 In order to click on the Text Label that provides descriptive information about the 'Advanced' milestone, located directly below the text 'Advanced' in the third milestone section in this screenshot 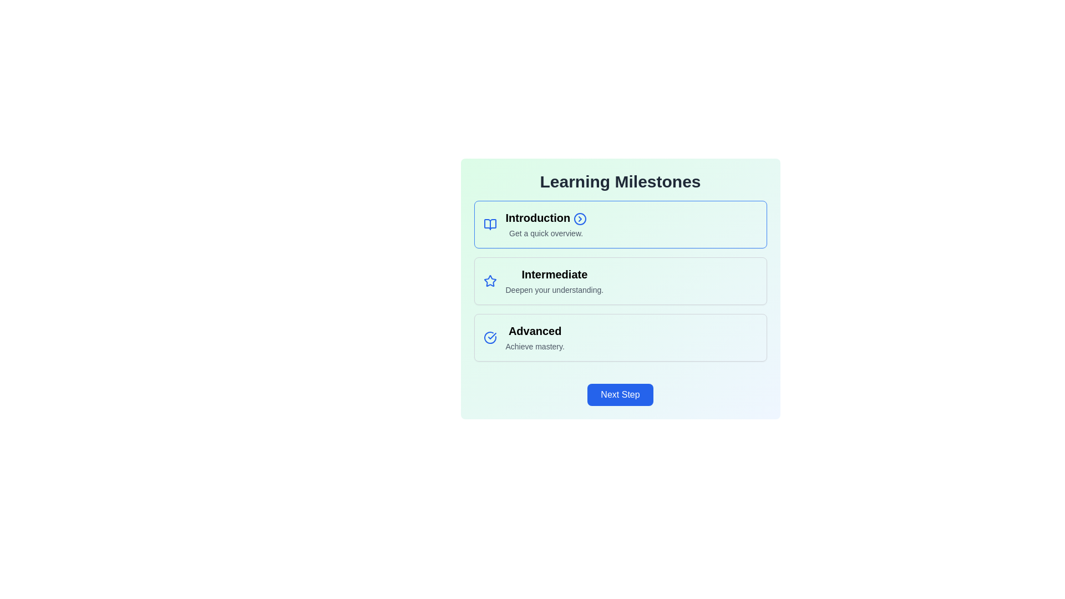, I will do `click(535, 346)`.